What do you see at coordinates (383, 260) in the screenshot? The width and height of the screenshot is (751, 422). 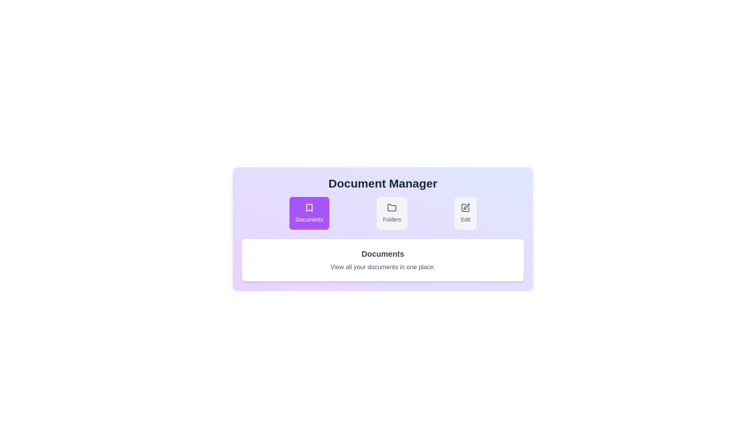 I see `the non-interactive informational card providing a description about managing documents, located at the bottom of the 'Document Manager' section` at bounding box center [383, 260].